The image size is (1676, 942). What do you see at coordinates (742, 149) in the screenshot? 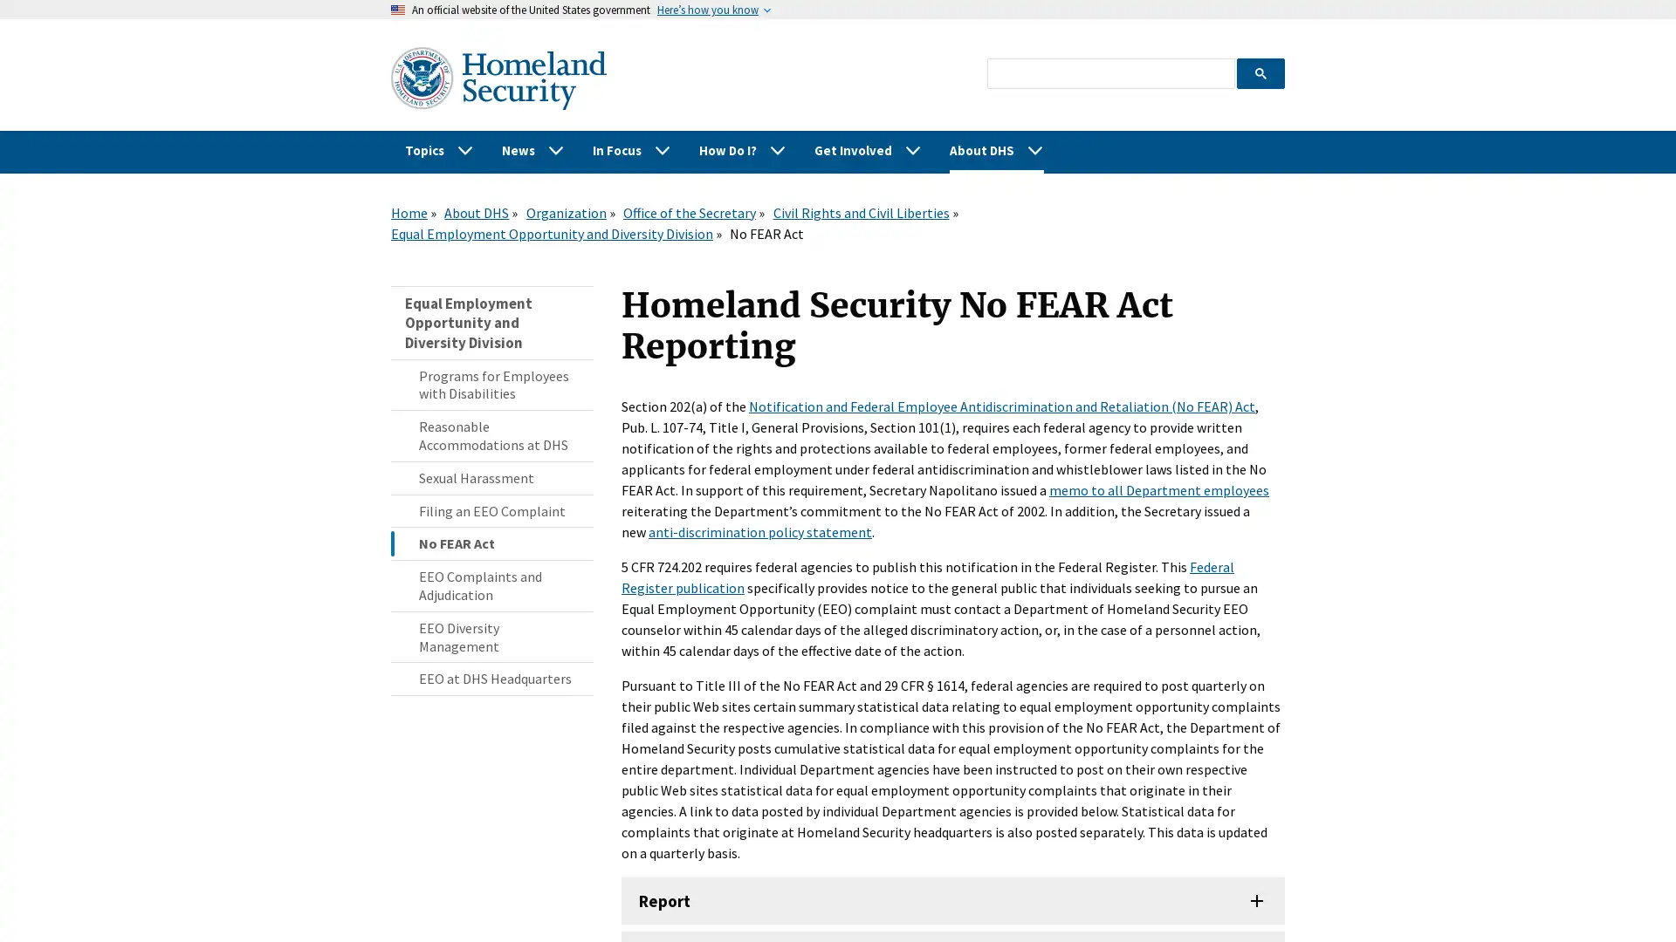
I see `How Do I?` at bounding box center [742, 149].